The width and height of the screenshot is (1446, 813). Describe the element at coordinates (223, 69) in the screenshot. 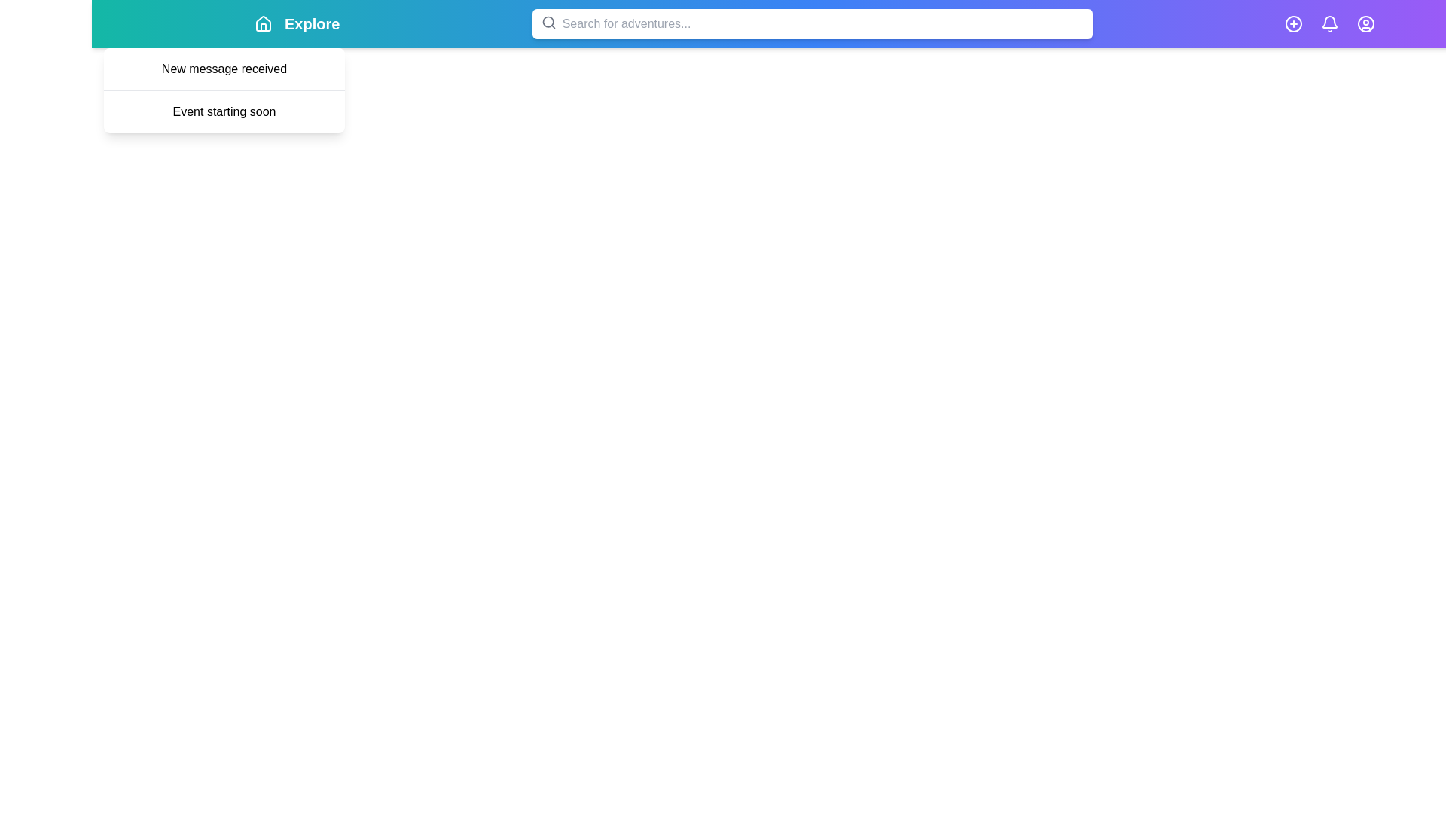

I see `the notification 'New message received' in the dropdown` at that location.